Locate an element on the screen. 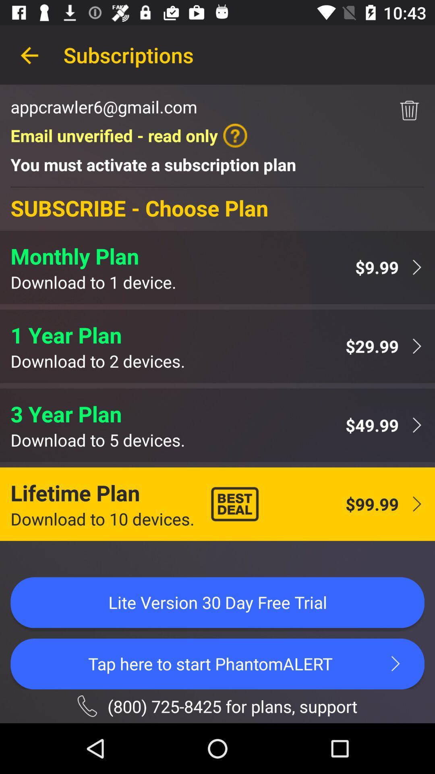  the lite version 30 is located at coordinates (217, 602).